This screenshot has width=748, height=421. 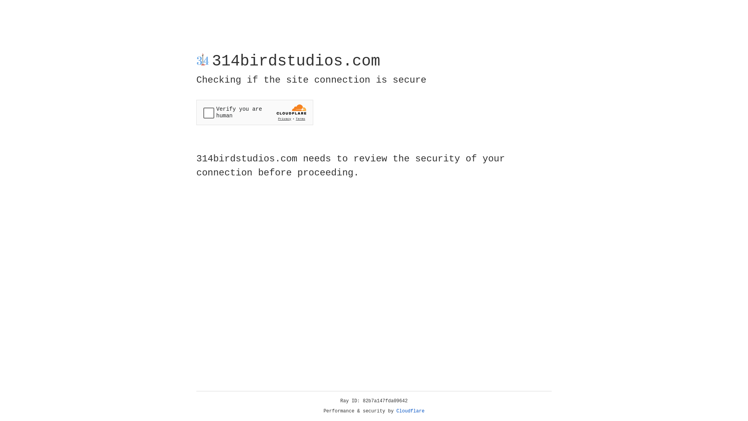 What do you see at coordinates (410, 411) in the screenshot?
I see `'Cloudflare'` at bounding box center [410, 411].